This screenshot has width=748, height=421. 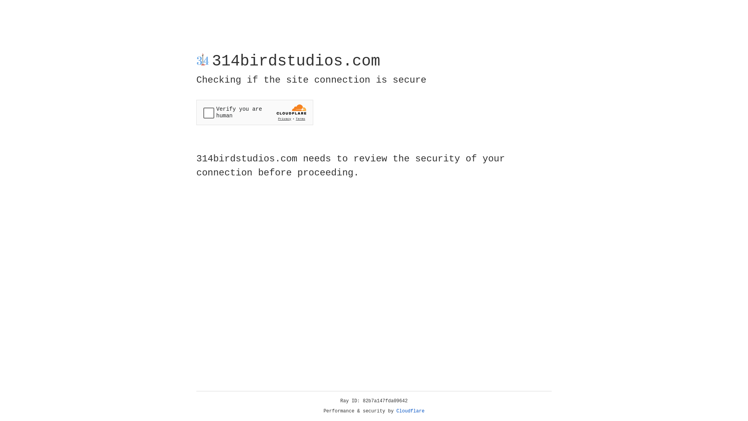 What do you see at coordinates (410, 411) in the screenshot?
I see `'Cloudflare'` at bounding box center [410, 411].